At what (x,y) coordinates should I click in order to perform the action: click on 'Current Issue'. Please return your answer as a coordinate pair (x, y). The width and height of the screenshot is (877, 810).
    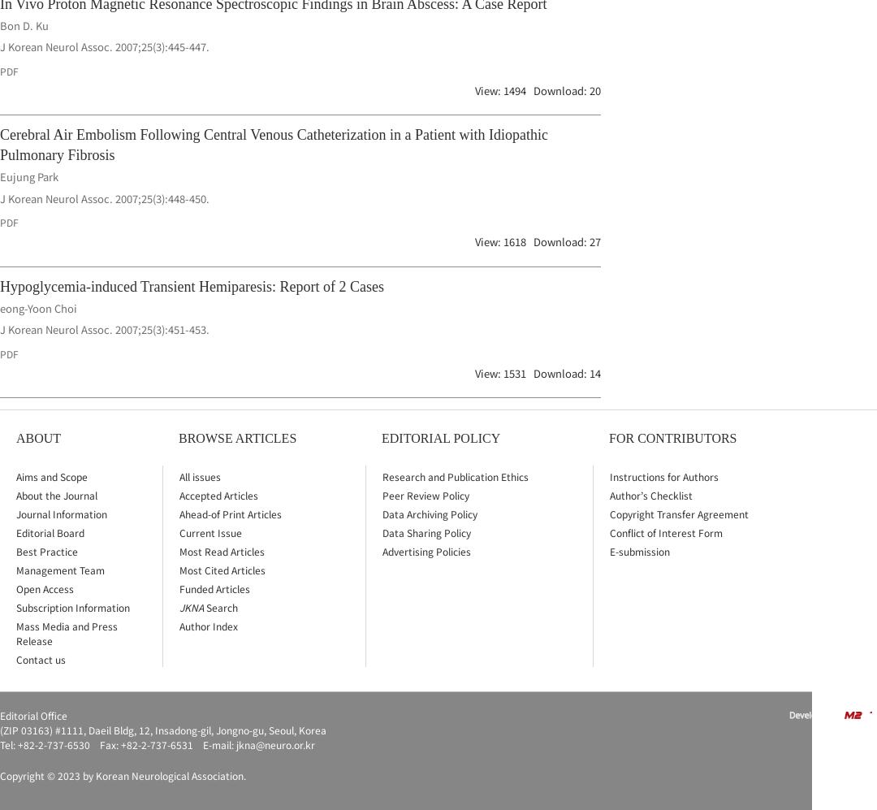
    Looking at the image, I should click on (210, 532).